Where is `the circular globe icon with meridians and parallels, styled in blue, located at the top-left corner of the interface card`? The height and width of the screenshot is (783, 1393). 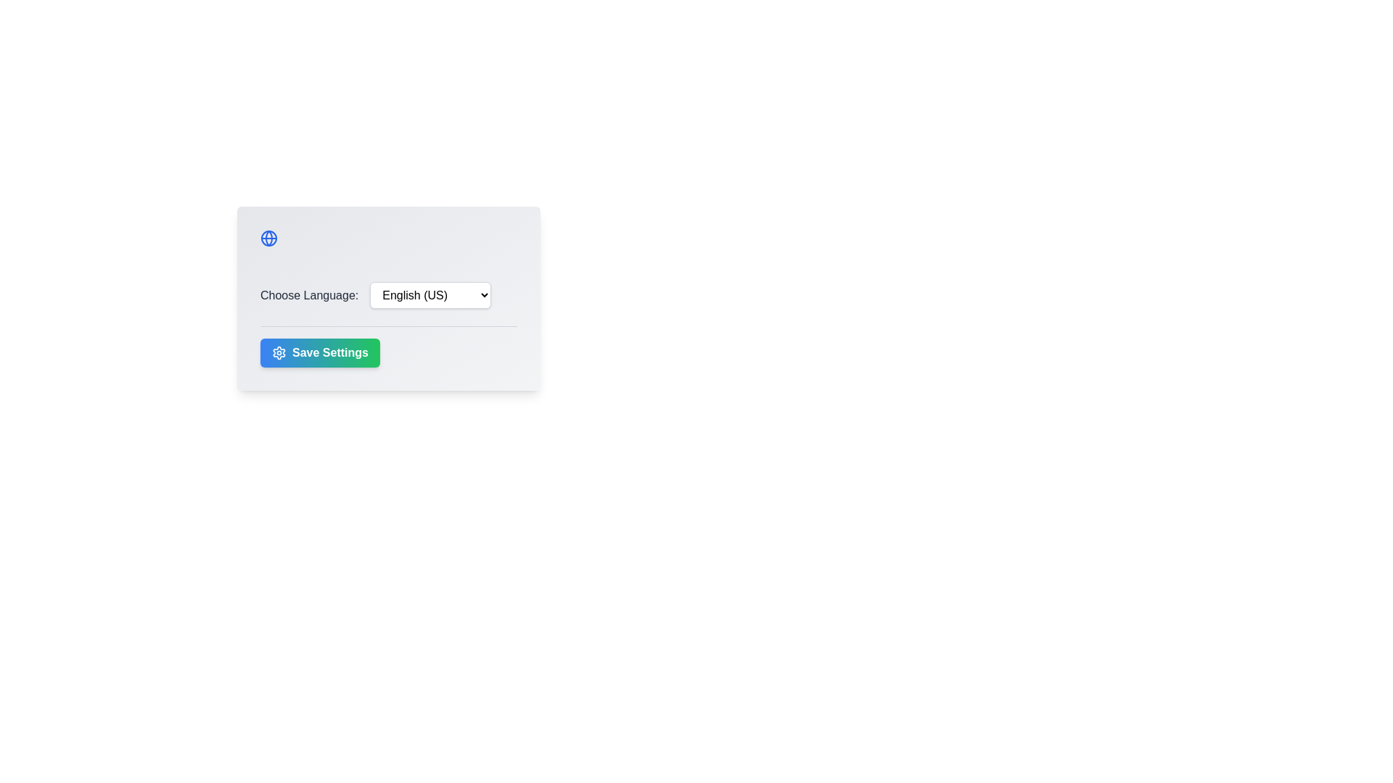 the circular globe icon with meridians and parallels, styled in blue, located at the top-left corner of the interface card is located at coordinates (268, 237).